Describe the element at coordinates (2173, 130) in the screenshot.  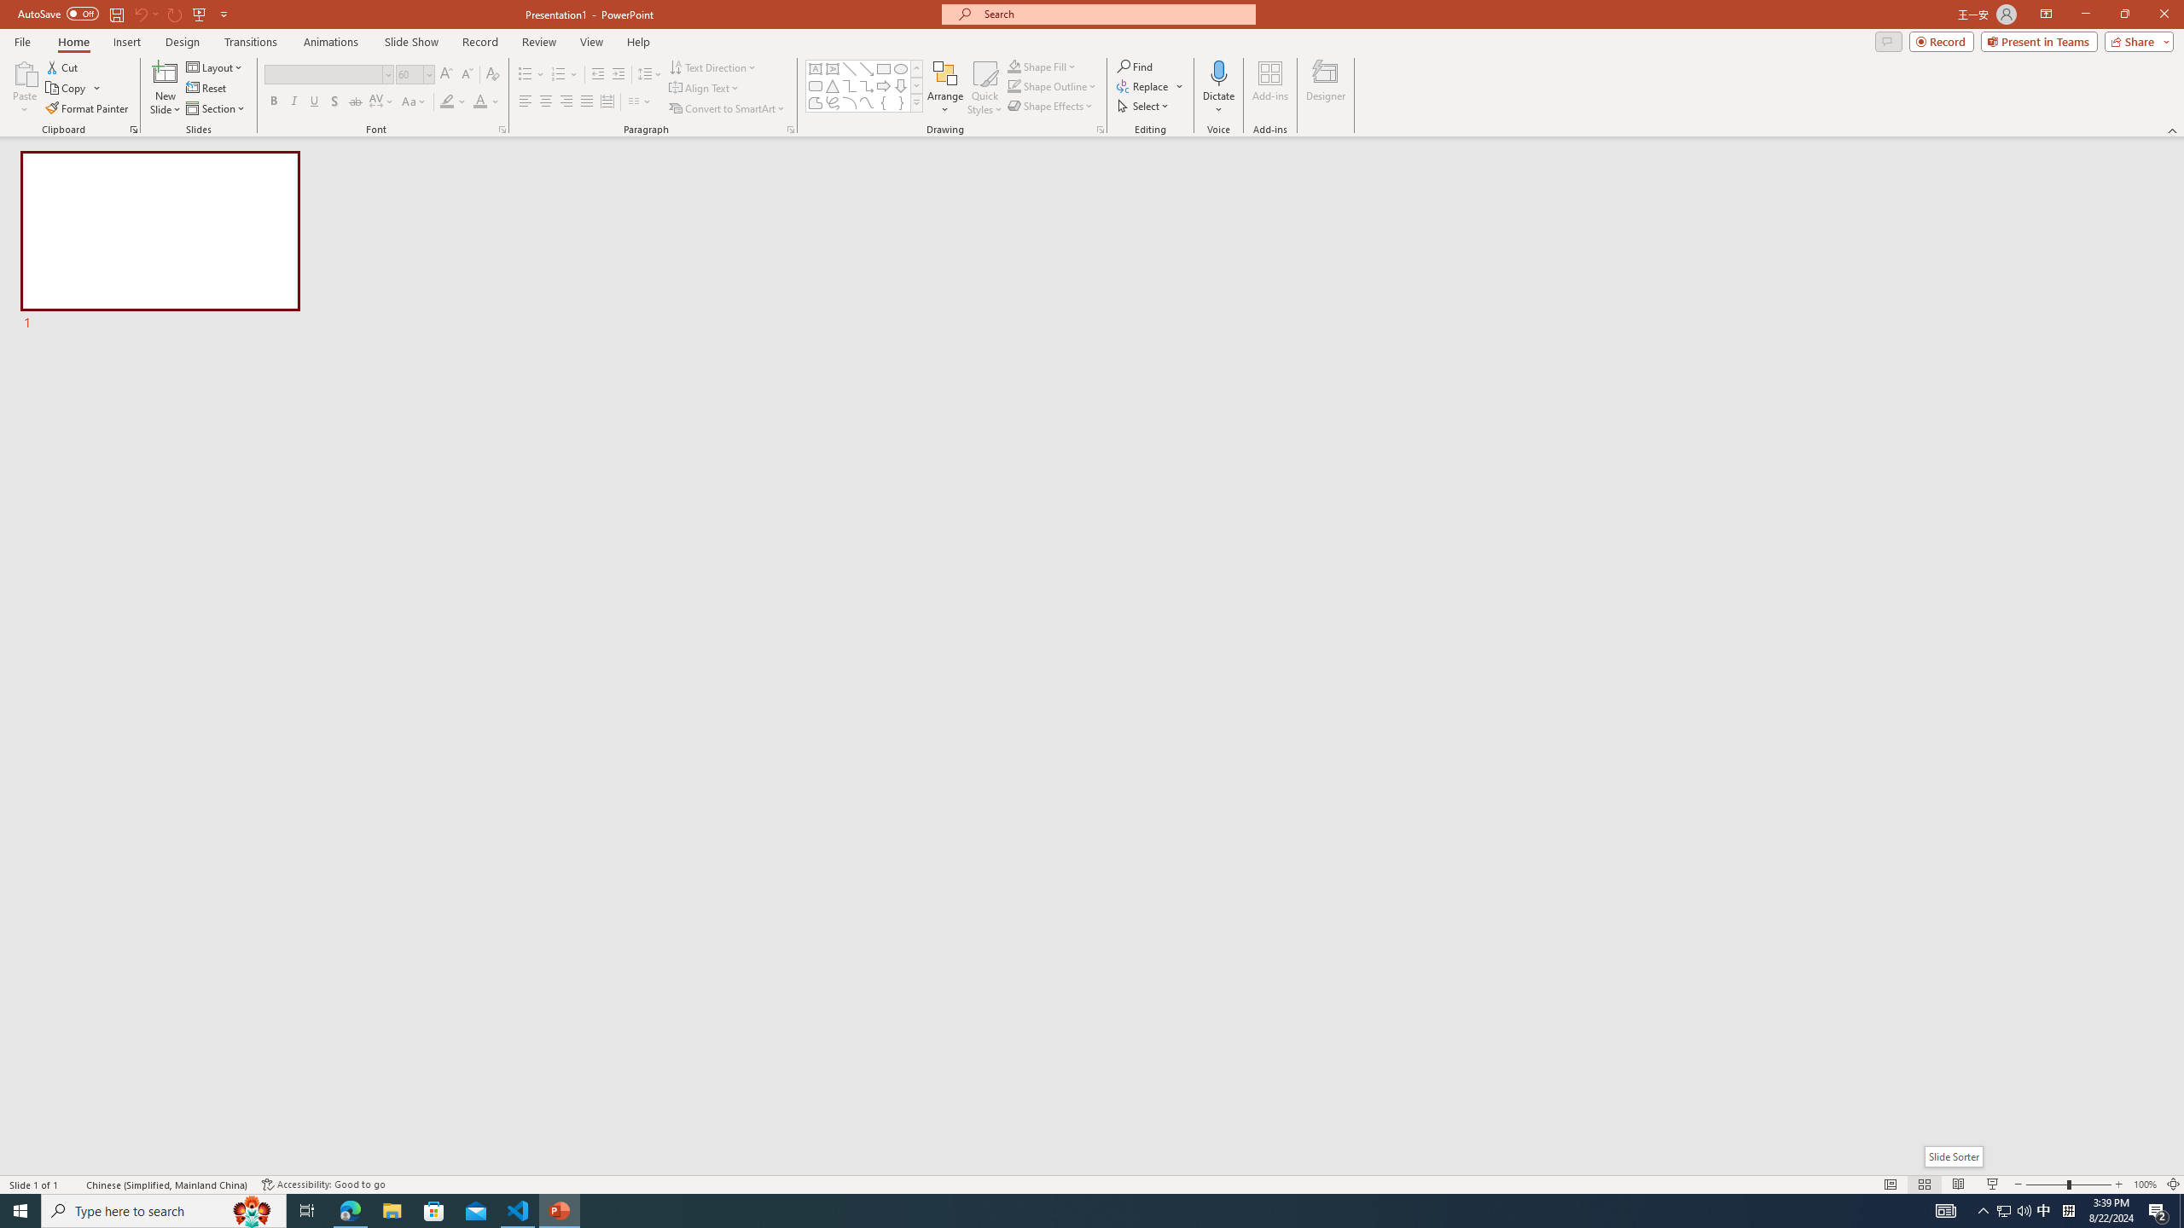
I see `'Collapse the Ribbon'` at that location.